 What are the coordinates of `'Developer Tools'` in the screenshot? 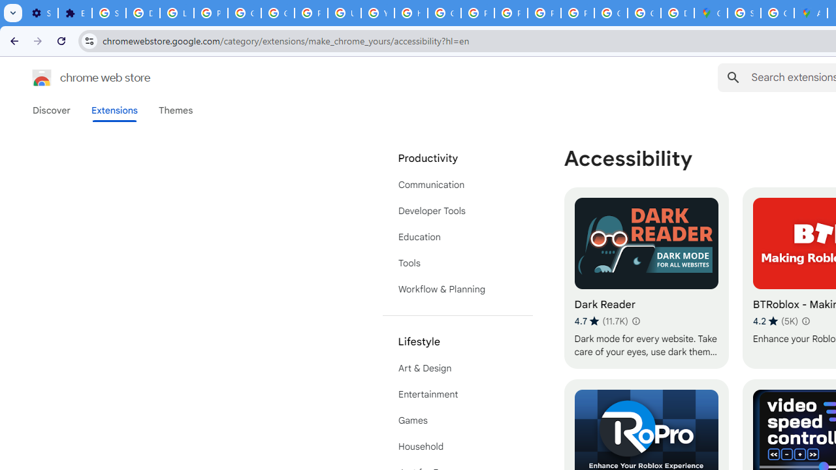 It's located at (457, 210).